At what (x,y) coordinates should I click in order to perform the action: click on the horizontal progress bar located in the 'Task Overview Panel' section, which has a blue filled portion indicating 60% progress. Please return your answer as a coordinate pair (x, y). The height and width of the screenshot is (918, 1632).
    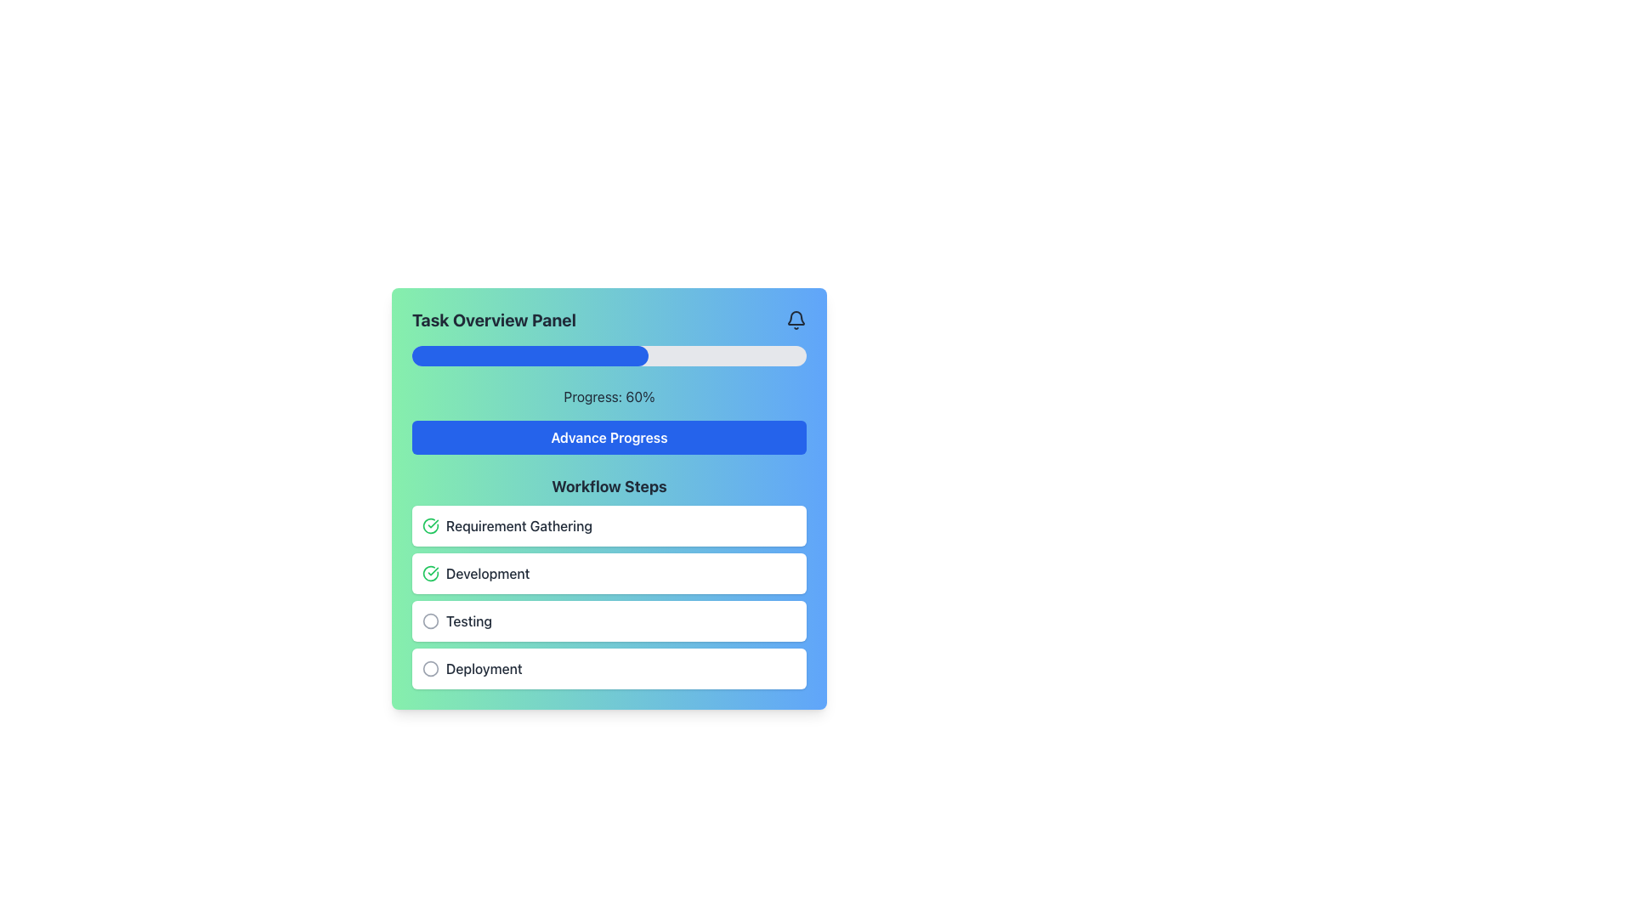
    Looking at the image, I should click on (609, 355).